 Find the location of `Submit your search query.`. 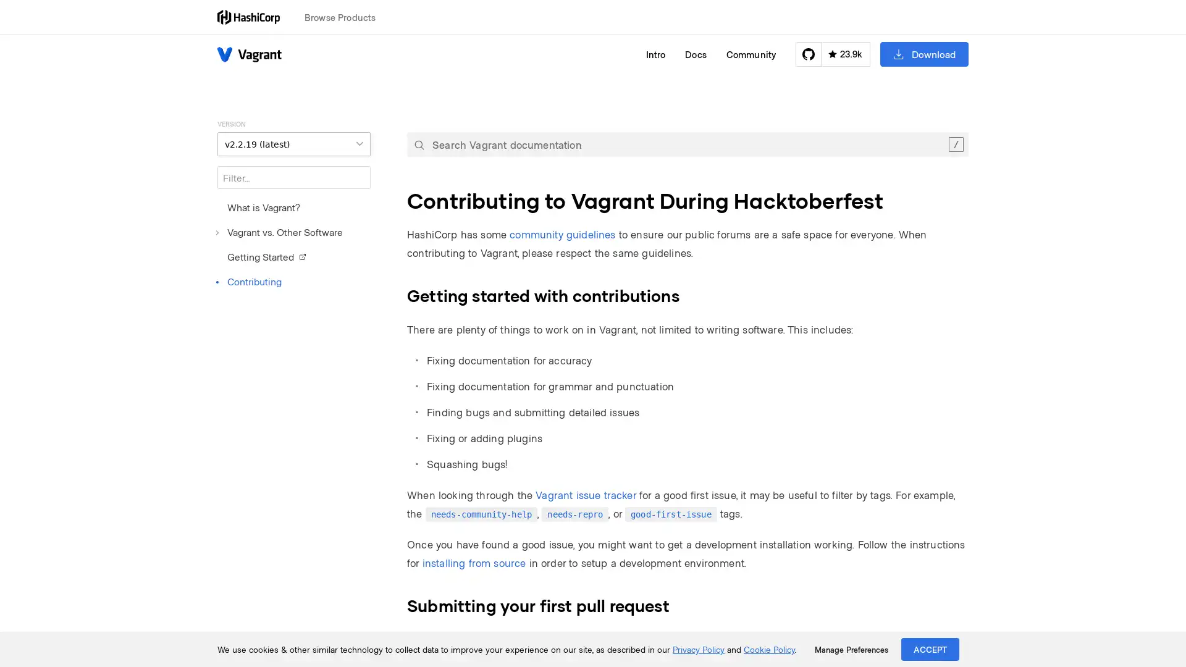

Submit your search query. is located at coordinates (419, 144).